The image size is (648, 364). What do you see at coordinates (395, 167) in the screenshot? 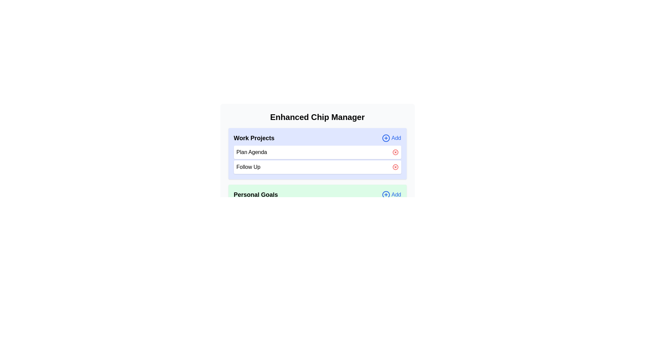
I see `the chip Follow Up from the category Work Projects` at bounding box center [395, 167].